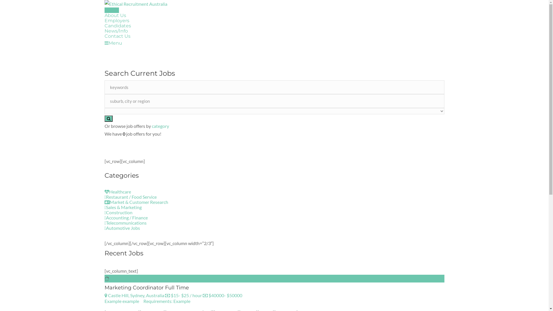  Describe the element at coordinates (117, 25) in the screenshot. I see `'Candidates'` at that location.